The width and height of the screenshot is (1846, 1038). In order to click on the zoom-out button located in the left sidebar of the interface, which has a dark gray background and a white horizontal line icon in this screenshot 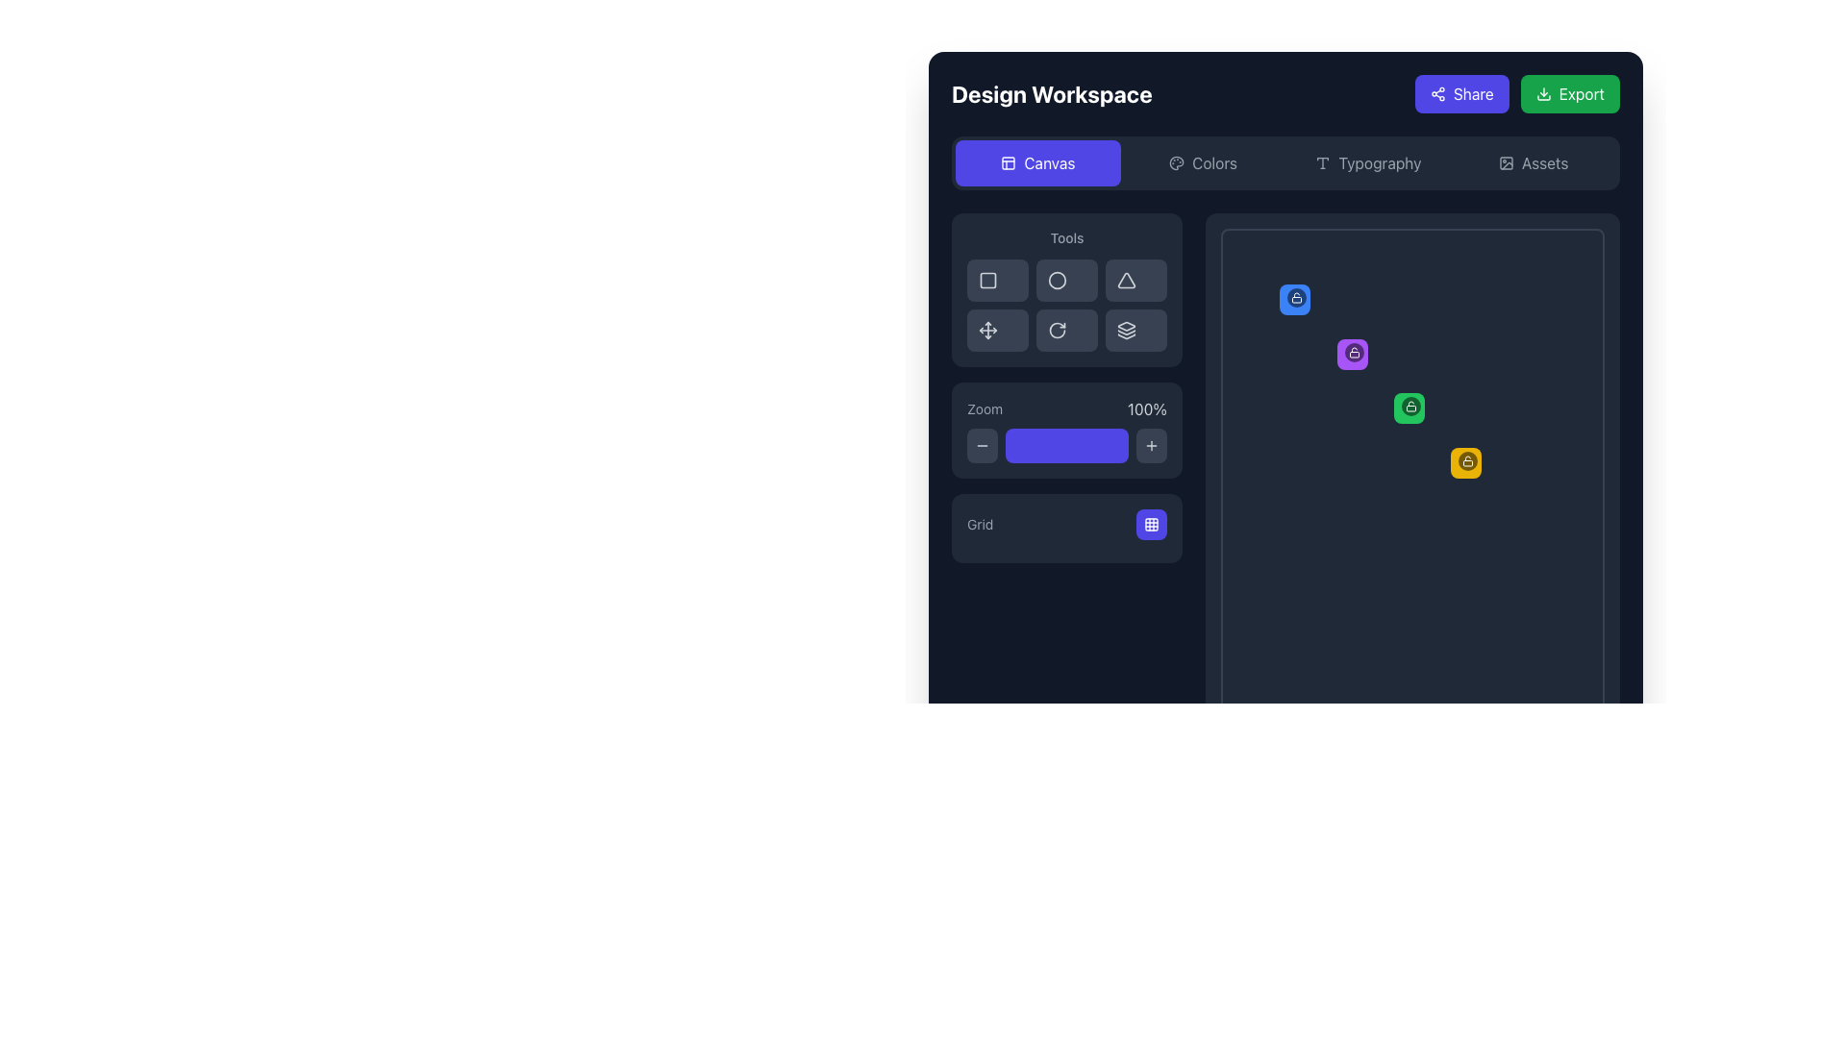, I will do `click(983, 445)`.